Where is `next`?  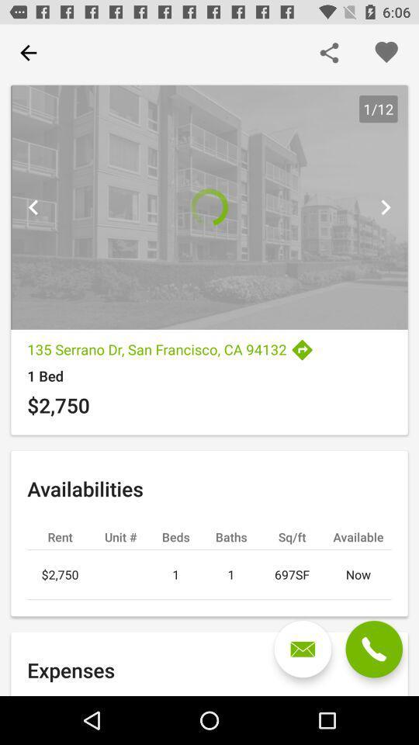 next is located at coordinates (384, 206).